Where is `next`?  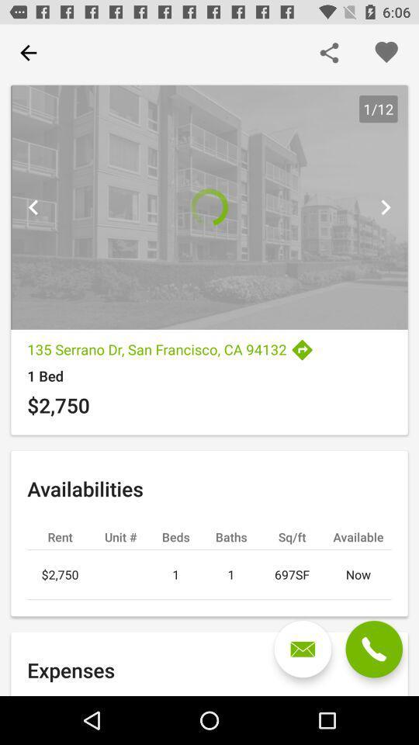 next is located at coordinates (384, 206).